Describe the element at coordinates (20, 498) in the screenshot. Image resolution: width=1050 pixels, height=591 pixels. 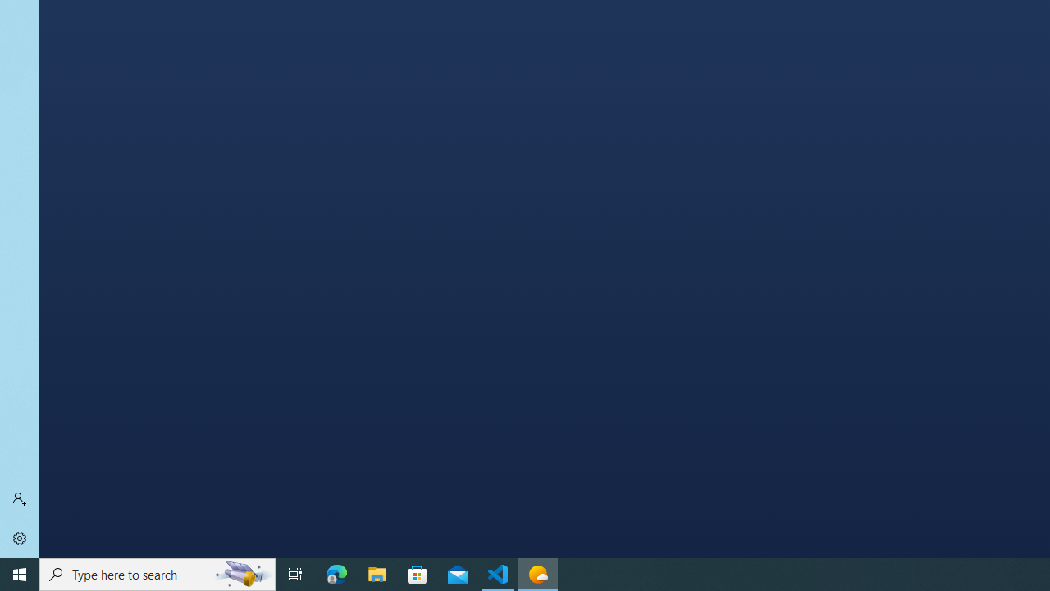
I see `'Sign in'` at that location.